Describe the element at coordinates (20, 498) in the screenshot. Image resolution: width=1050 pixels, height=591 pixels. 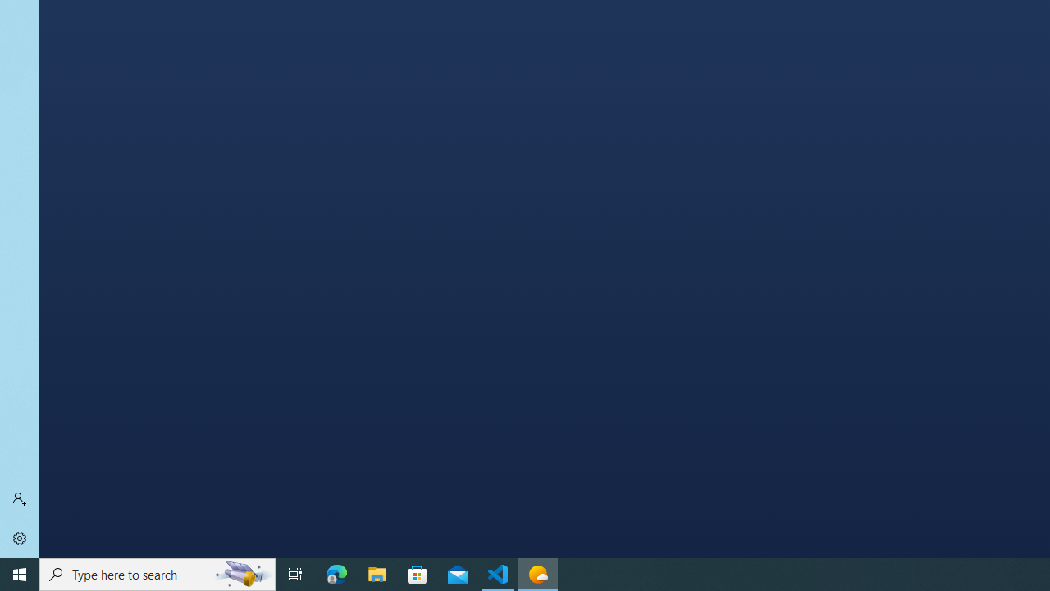
I see `'Sign in'` at that location.